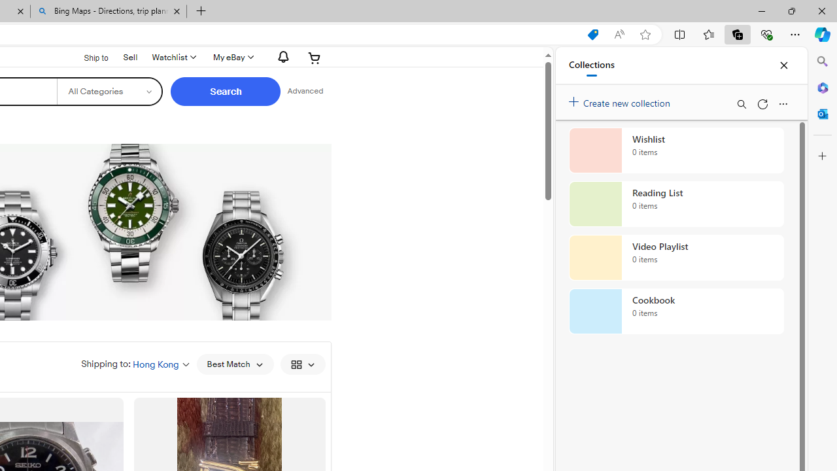 This screenshot has height=471, width=837. Describe the element at coordinates (130, 56) in the screenshot. I see `'Sell'` at that location.